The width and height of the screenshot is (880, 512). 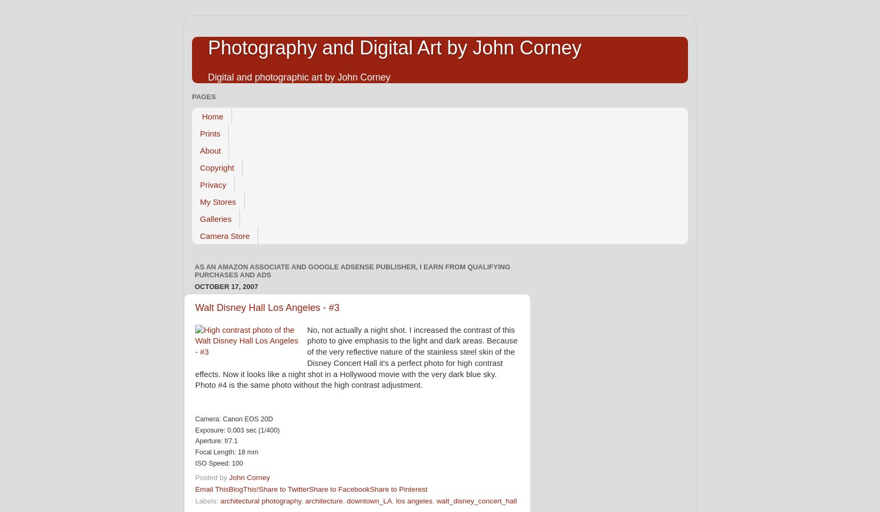 What do you see at coordinates (339, 489) in the screenshot?
I see `'Share to Facebook'` at bounding box center [339, 489].